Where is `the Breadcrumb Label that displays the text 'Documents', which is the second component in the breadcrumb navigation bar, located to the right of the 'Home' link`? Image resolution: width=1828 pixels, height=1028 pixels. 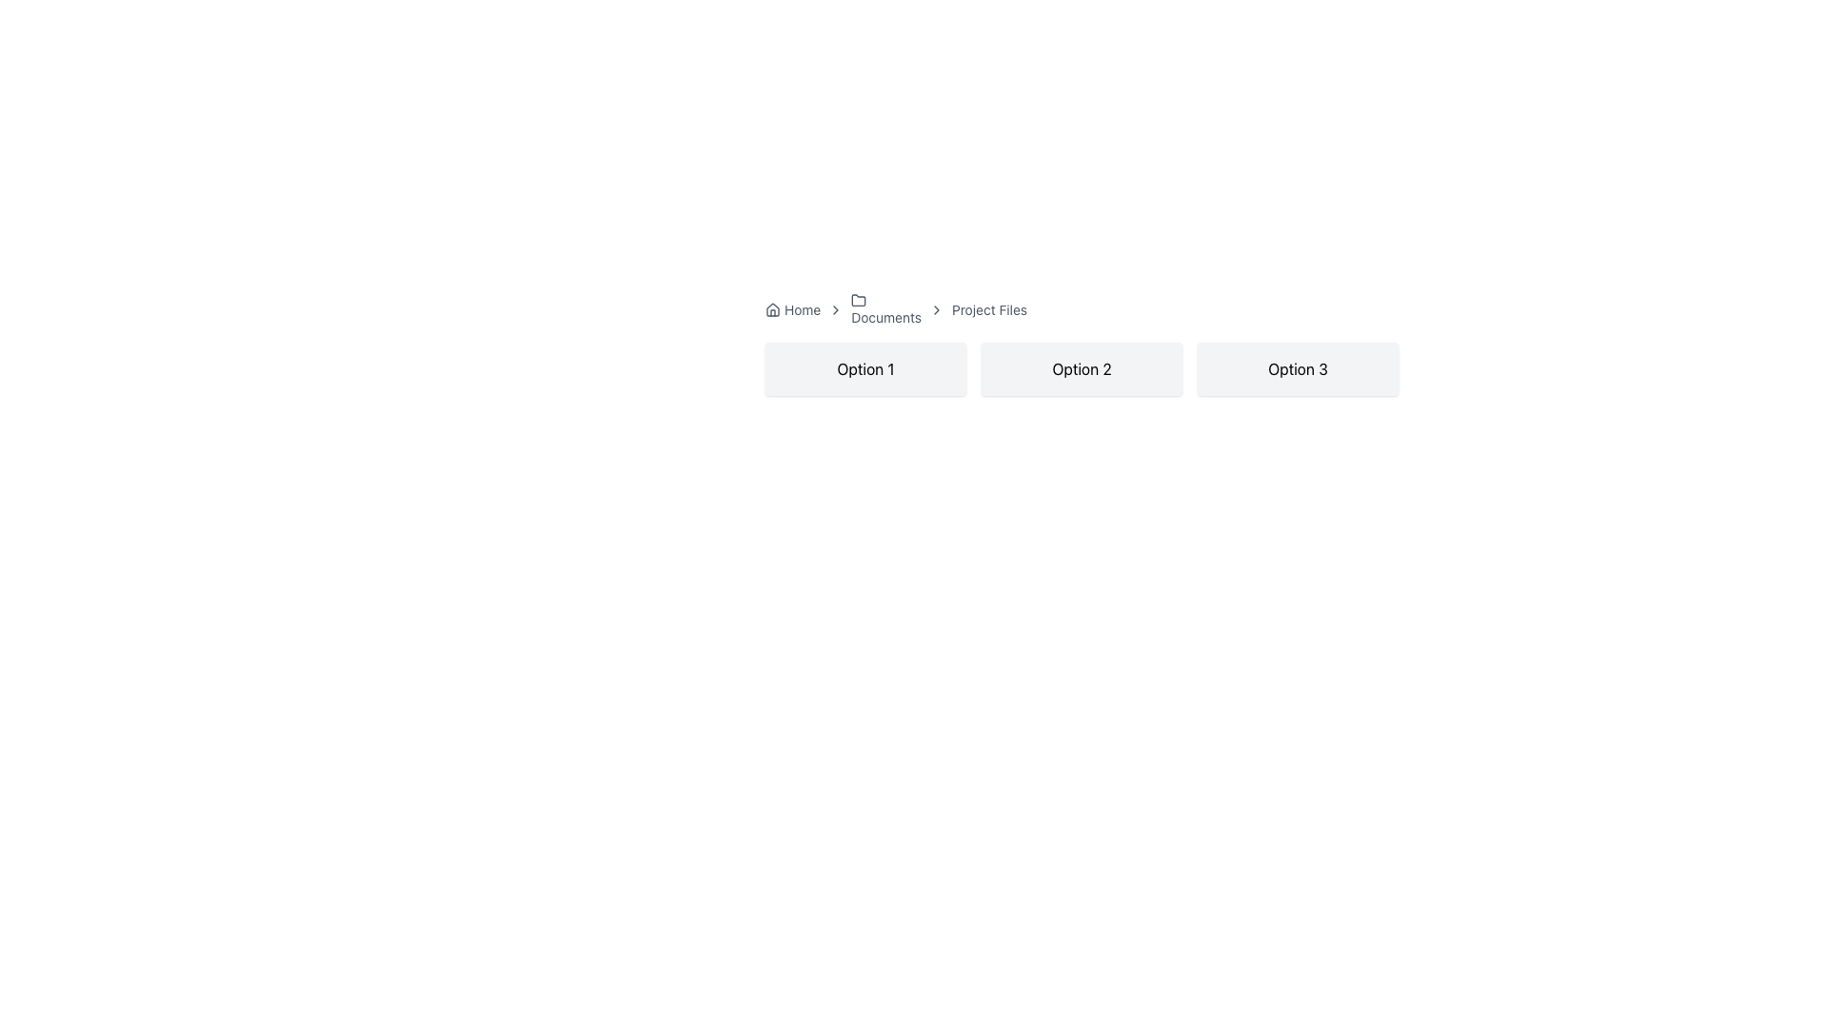
the Breadcrumb Label that displays the text 'Documents', which is the second component in the breadcrumb navigation bar, located to the right of the 'Home' link is located at coordinates (885, 309).